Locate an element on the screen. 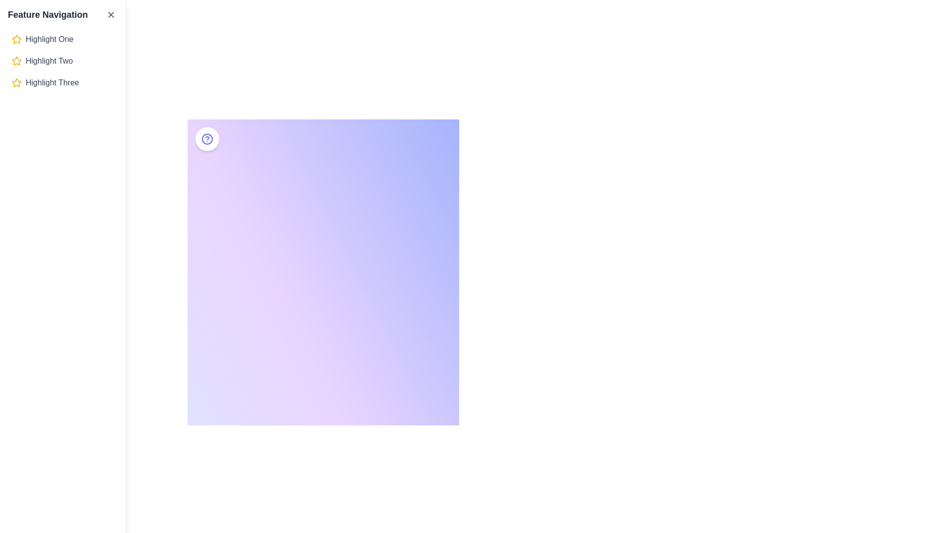  the close icon button located at the top-right corner of the 'Feature Navigation' sidebar to observe its hover effect is located at coordinates (111, 15).